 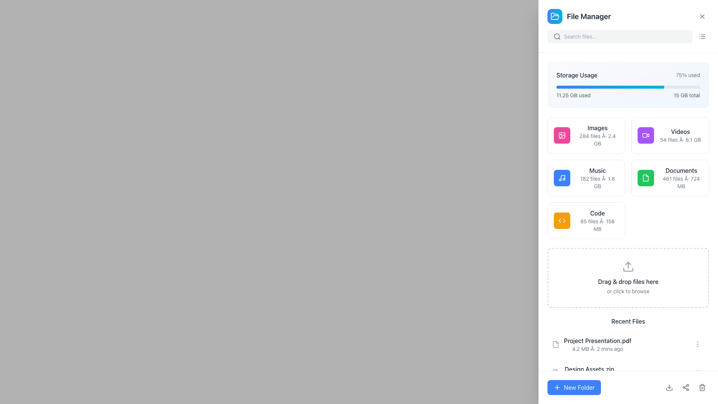 I want to click on the text label 'Project Presentation.pdf' located, so click(x=597, y=340).